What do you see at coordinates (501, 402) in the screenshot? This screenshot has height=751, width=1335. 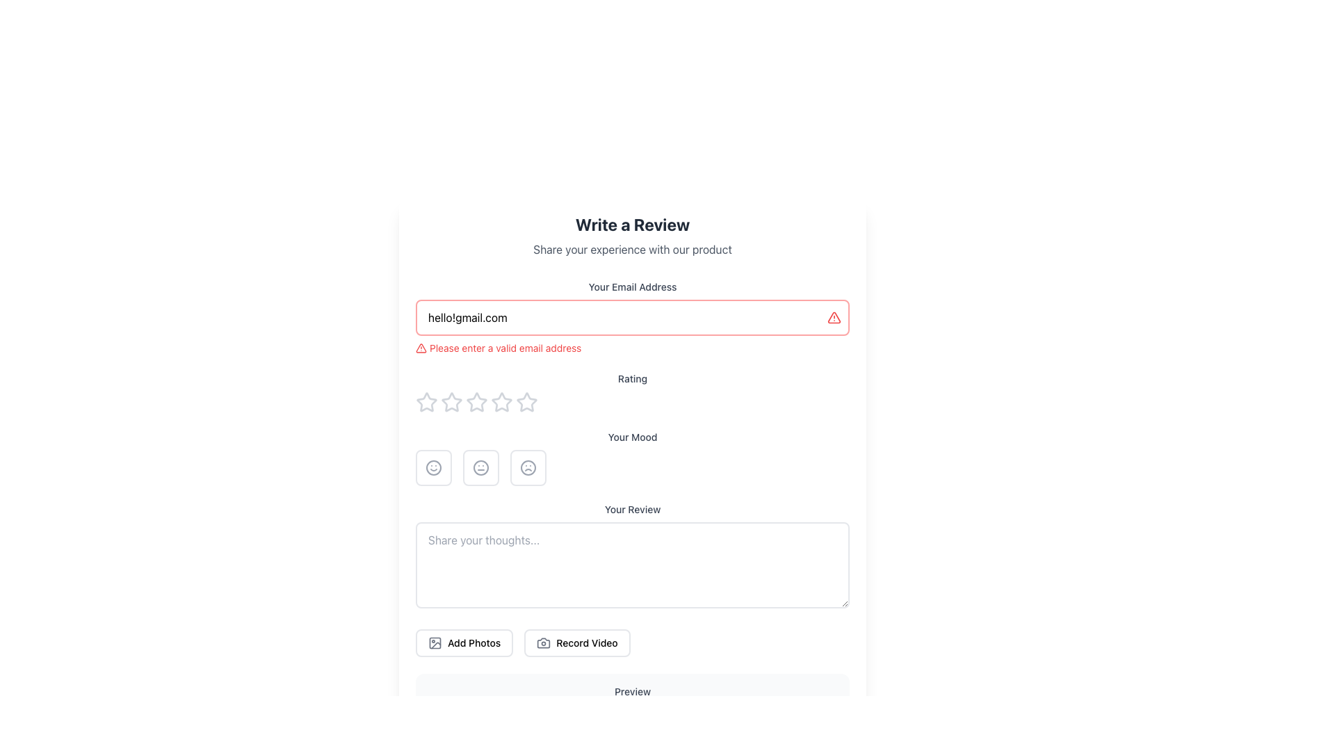 I see `the fourth star in the horizontal lineup of five star-shaped icons to set a rating of 4 out of 5` at bounding box center [501, 402].